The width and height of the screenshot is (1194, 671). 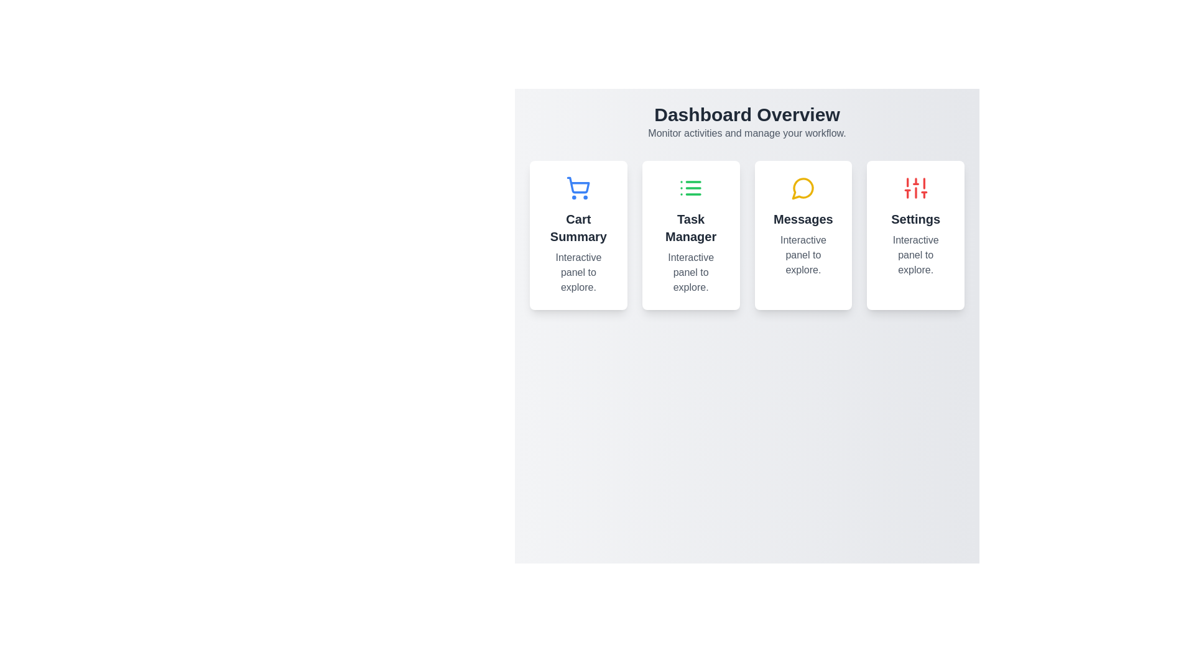 I want to click on text 'Interactive panel to explore.' which is styled in gray and located below the heading 'Messages' within the card labeled 'Messages.', so click(x=803, y=255).